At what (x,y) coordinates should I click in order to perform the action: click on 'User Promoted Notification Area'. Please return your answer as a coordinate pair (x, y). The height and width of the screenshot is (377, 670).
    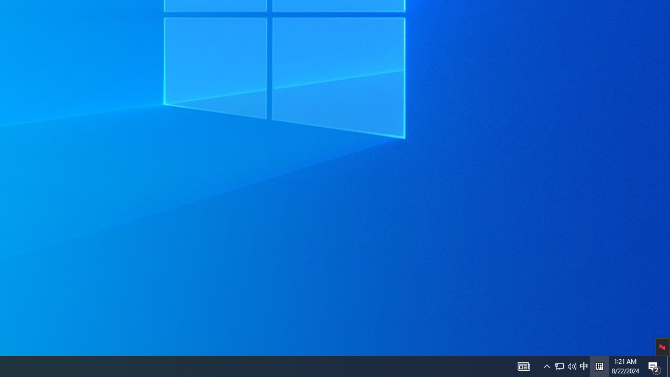
    Looking at the image, I should click on (546, 365).